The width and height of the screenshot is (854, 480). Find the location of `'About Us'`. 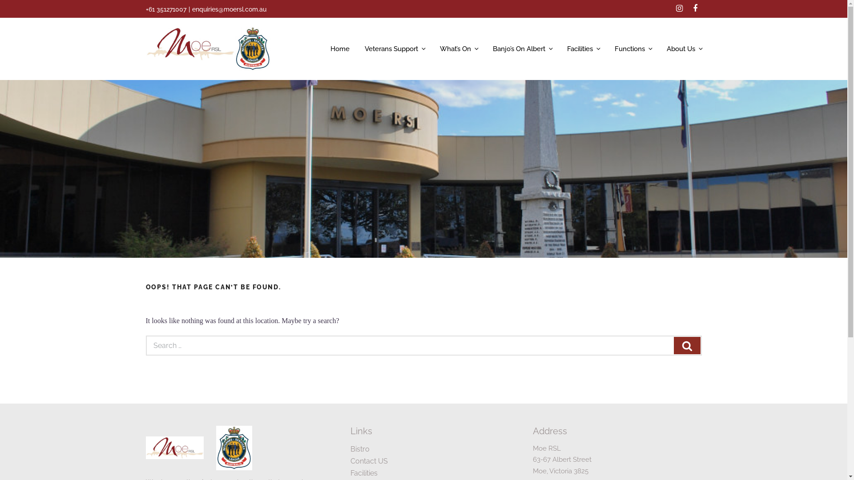

'About Us' is located at coordinates (681, 49).